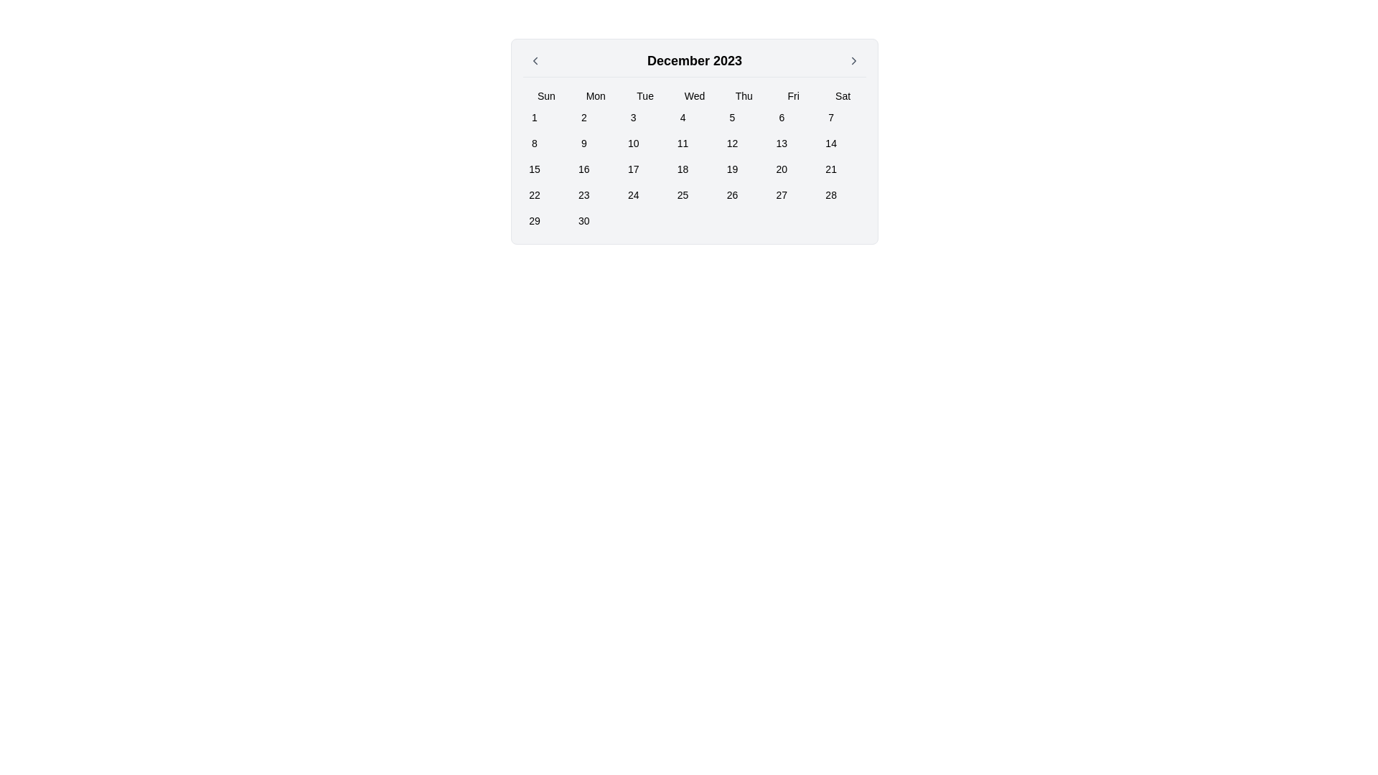  What do you see at coordinates (843, 96) in the screenshot?
I see `the 'Saturday' text label in the calendar interface, which is the last element in the horizontal list of day labels` at bounding box center [843, 96].